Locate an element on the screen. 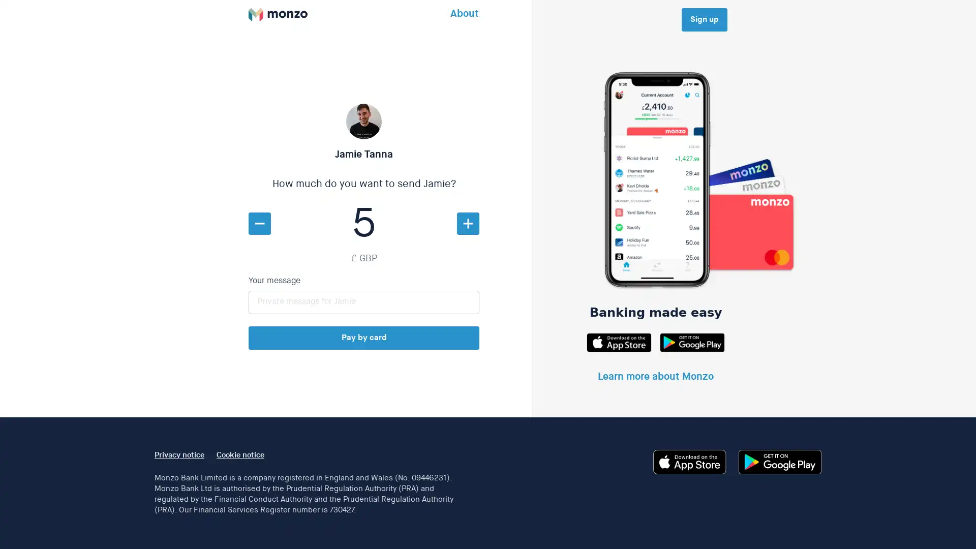 This screenshot has width=976, height=549. Decrease amount is located at coordinates (259, 223).